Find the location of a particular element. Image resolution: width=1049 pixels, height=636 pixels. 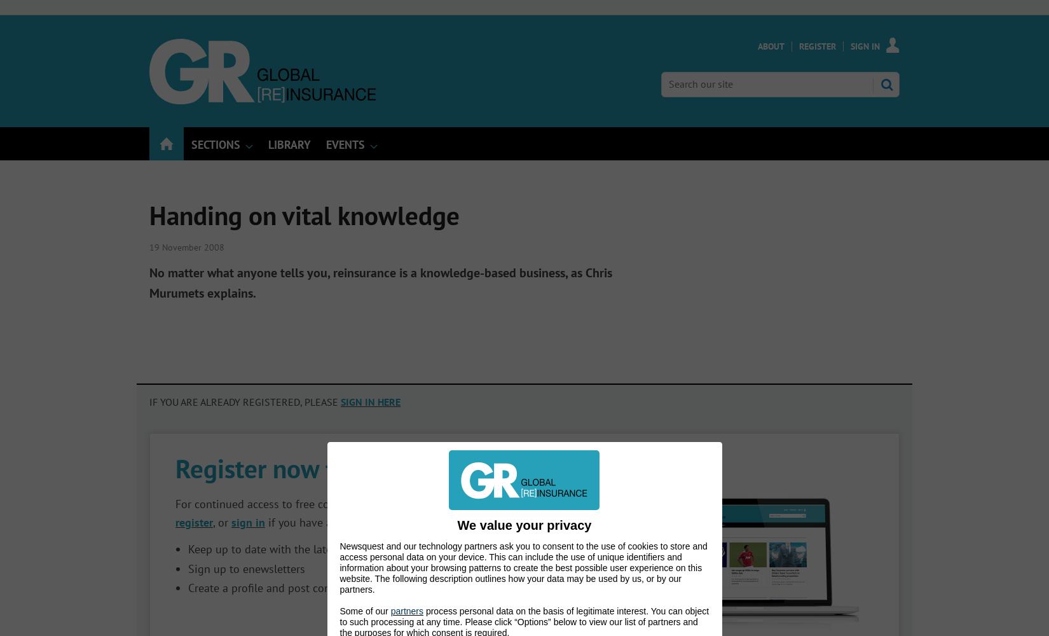

', or' is located at coordinates (222, 522).